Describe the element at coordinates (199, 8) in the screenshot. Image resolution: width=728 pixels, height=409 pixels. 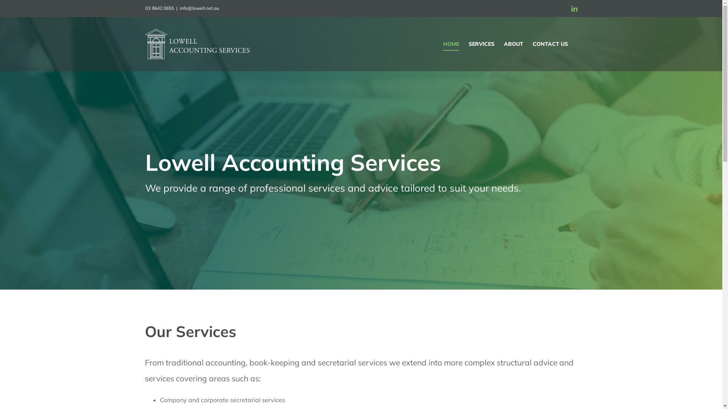
I see `'info@lowell.net.au'` at that location.